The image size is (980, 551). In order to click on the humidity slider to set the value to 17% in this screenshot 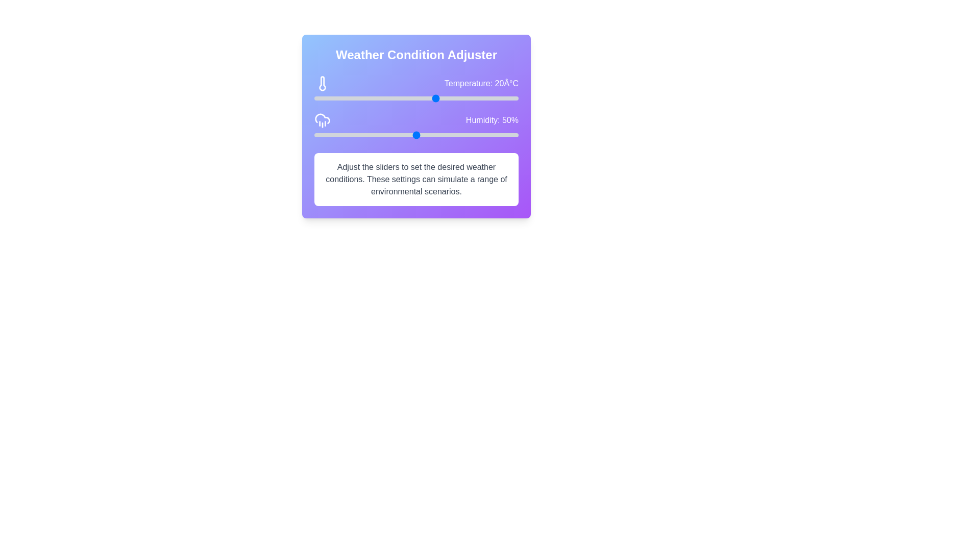, I will do `click(349, 135)`.